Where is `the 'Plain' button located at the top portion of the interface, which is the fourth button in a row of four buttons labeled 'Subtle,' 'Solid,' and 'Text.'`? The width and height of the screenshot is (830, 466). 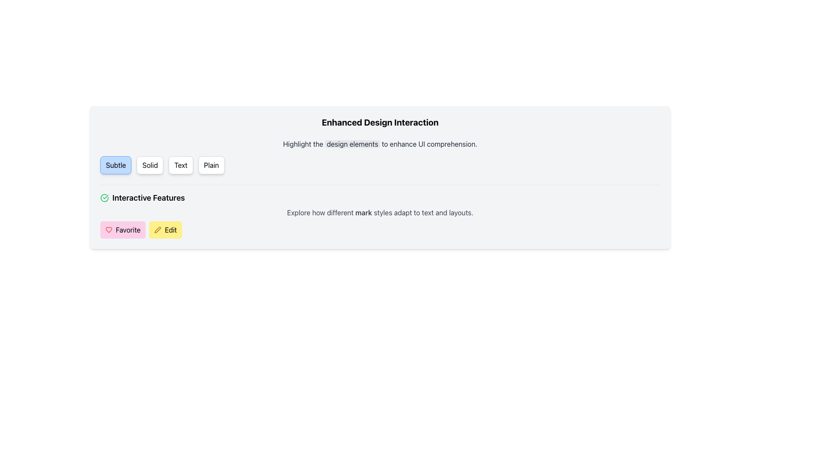 the 'Plain' button located at the top portion of the interface, which is the fourth button in a row of four buttons labeled 'Subtle,' 'Solid,' and 'Text.' is located at coordinates (211, 165).